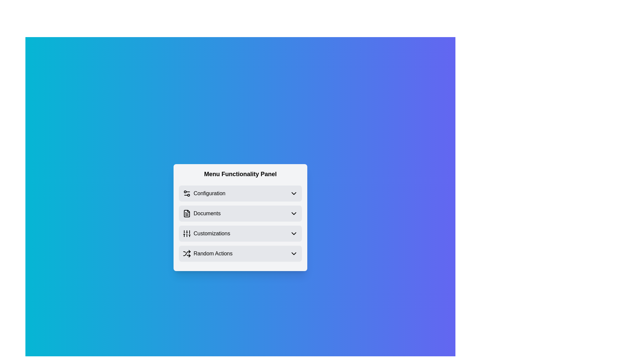 The image size is (642, 361). Describe the element at coordinates (187, 193) in the screenshot. I see `the icon associated with the menu item Configuration` at that location.